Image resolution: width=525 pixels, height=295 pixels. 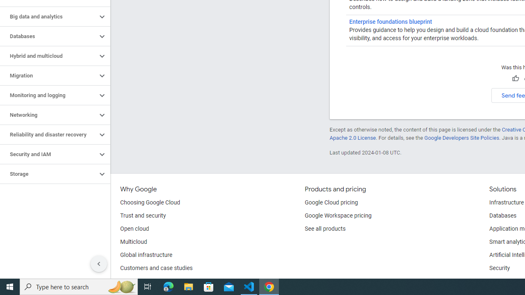 What do you see at coordinates (139, 281) in the screenshot?
I see `'Analyst reports'` at bounding box center [139, 281].